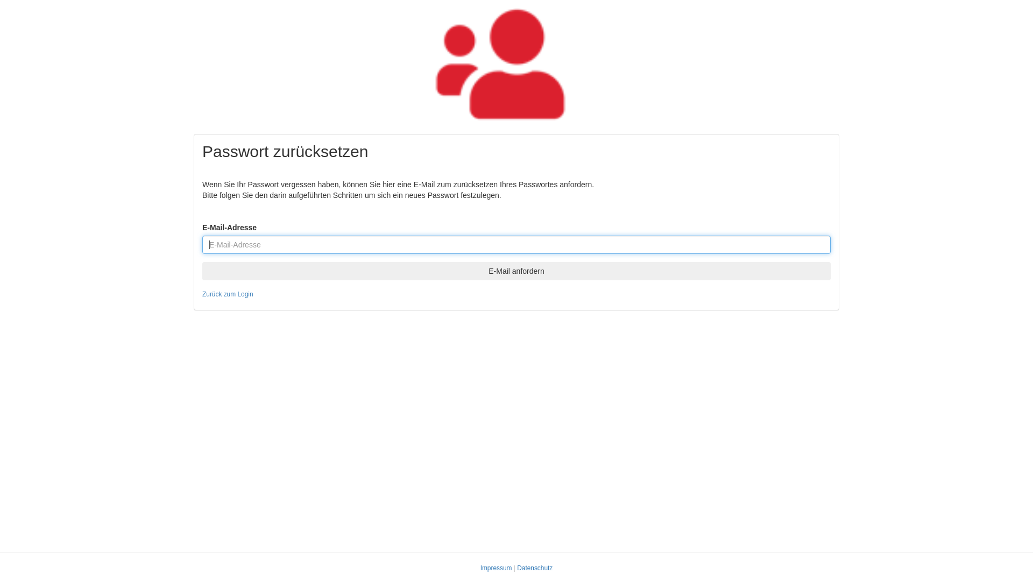 The height and width of the screenshot is (581, 1033). What do you see at coordinates (516, 271) in the screenshot?
I see `'E-Mail anfordern'` at bounding box center [516, 271].